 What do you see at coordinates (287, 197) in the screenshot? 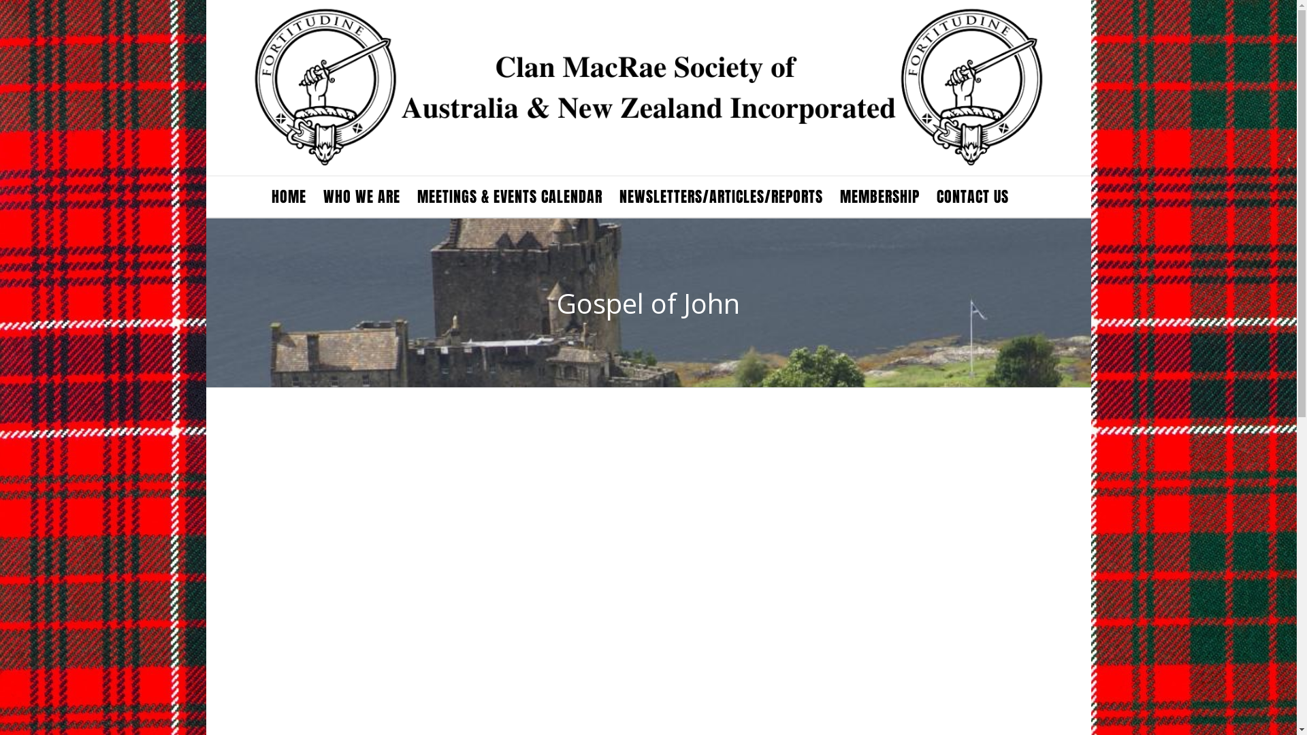
I see `'HOME'` at bounding box center [287, 197].